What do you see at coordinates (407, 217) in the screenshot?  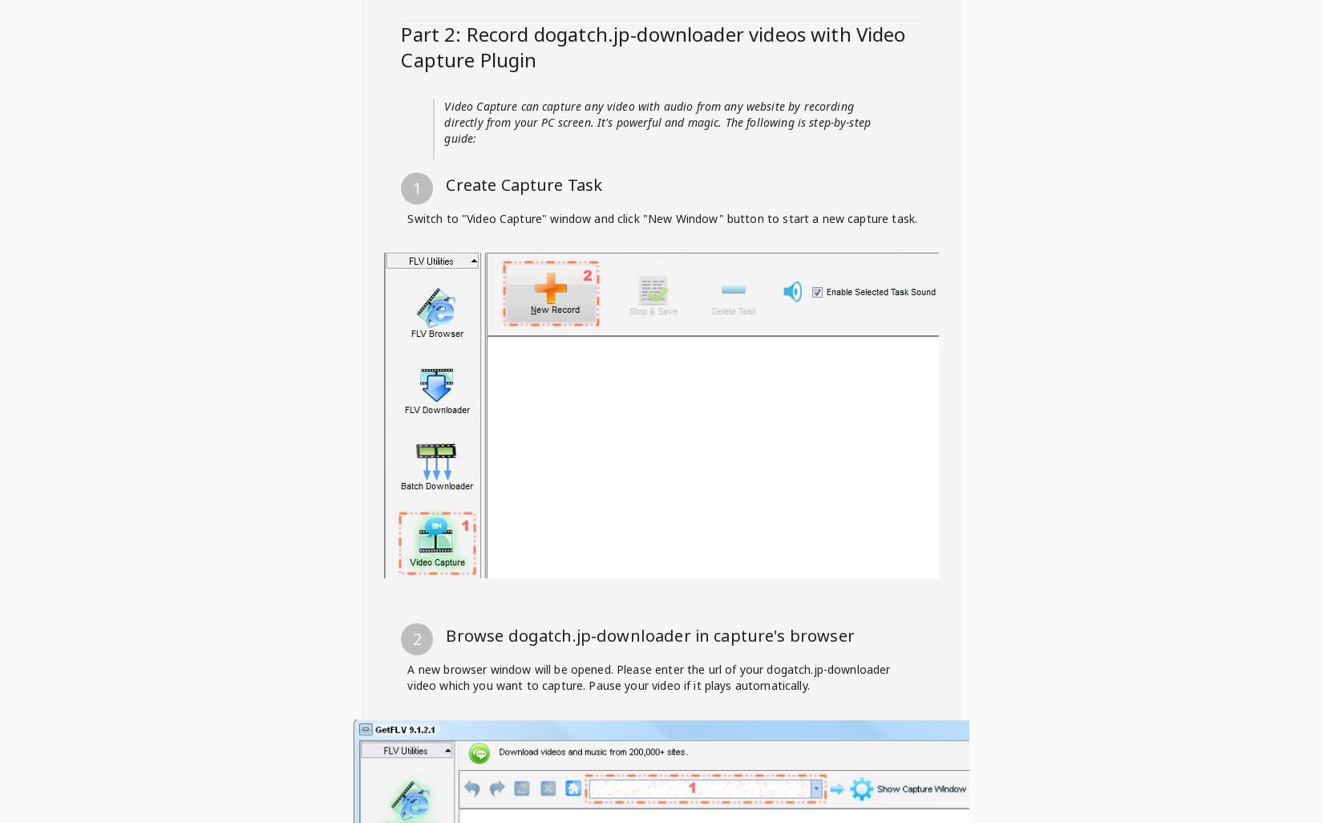 I see `'Switch to "Video Capture" window and click "New Window" button to start a new capture task.'` at bounding box center [407, 217].